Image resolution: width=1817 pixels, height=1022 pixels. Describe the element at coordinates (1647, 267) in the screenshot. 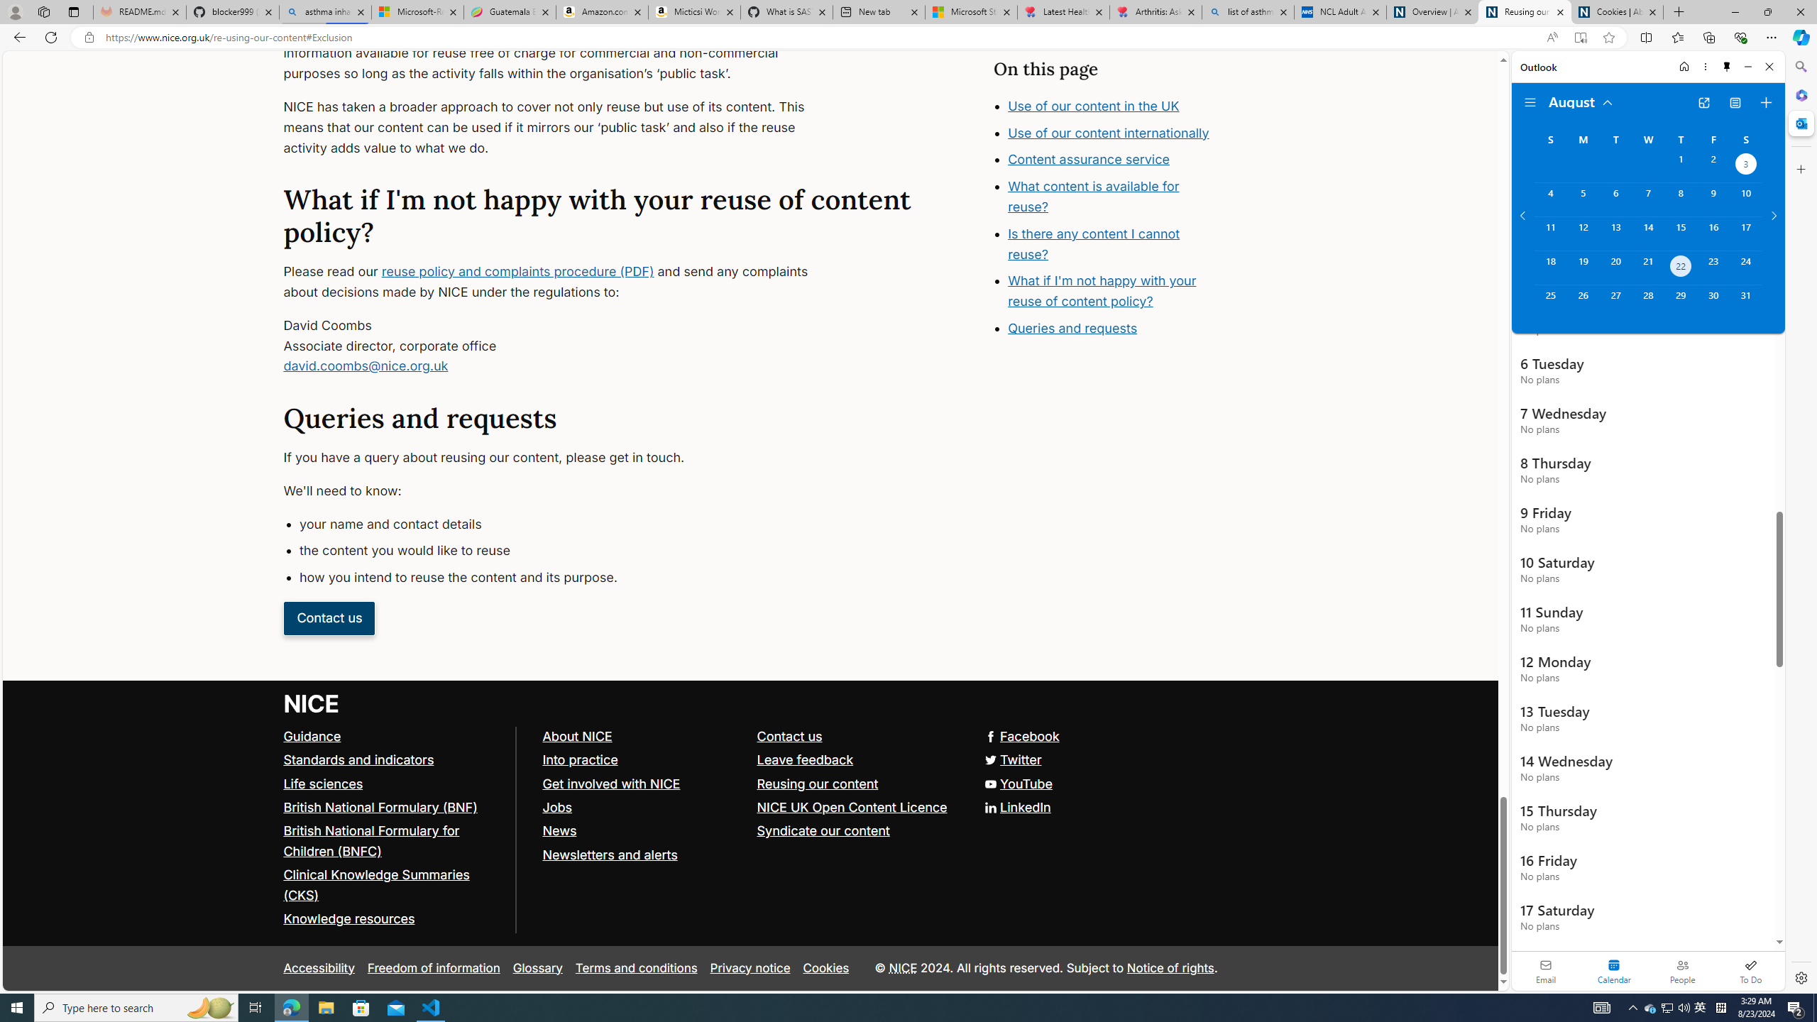

I see `'Wednesday, August 21, 2024. '` at that location.